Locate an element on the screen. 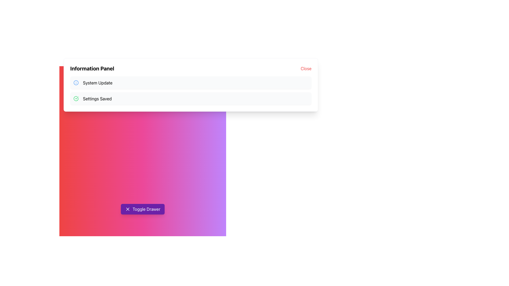 Image resolution: width=509 pixels, height=286 pixels. the status indicator icon located to the left of the 'Settings Saved' text in the structured information list is located at coordinates (76, 99).